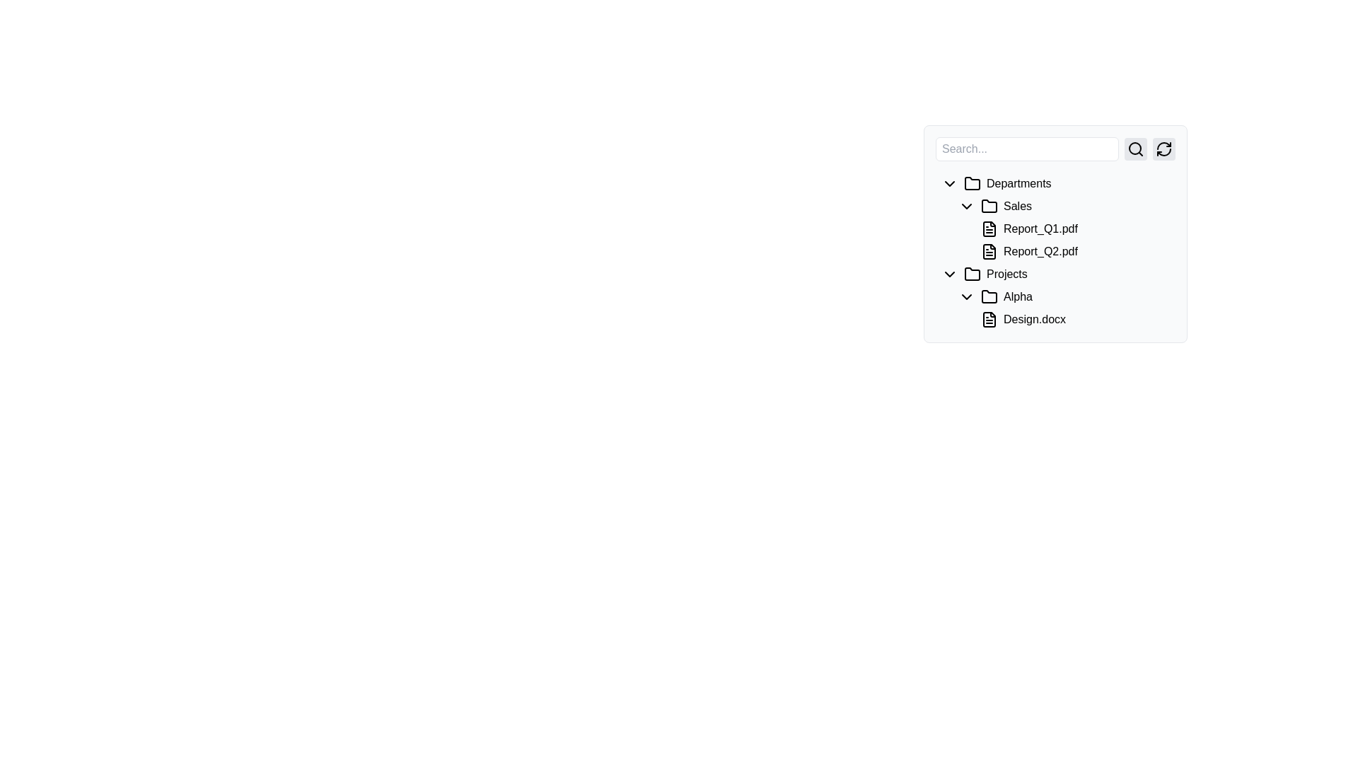 Image resolution: width=1358 pixels, height=764 pixels. Describe the element at coordinates (1055, 233) in the screenshot. I see `the 'Report_Q1.pdf' file` at that location.